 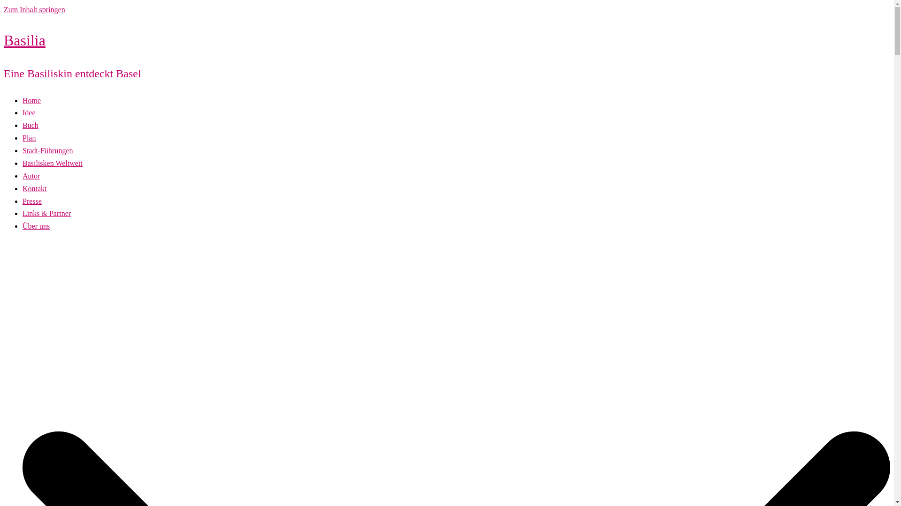 I want to click on 'Basilisken Weltweit', so click(x=52, y=163).